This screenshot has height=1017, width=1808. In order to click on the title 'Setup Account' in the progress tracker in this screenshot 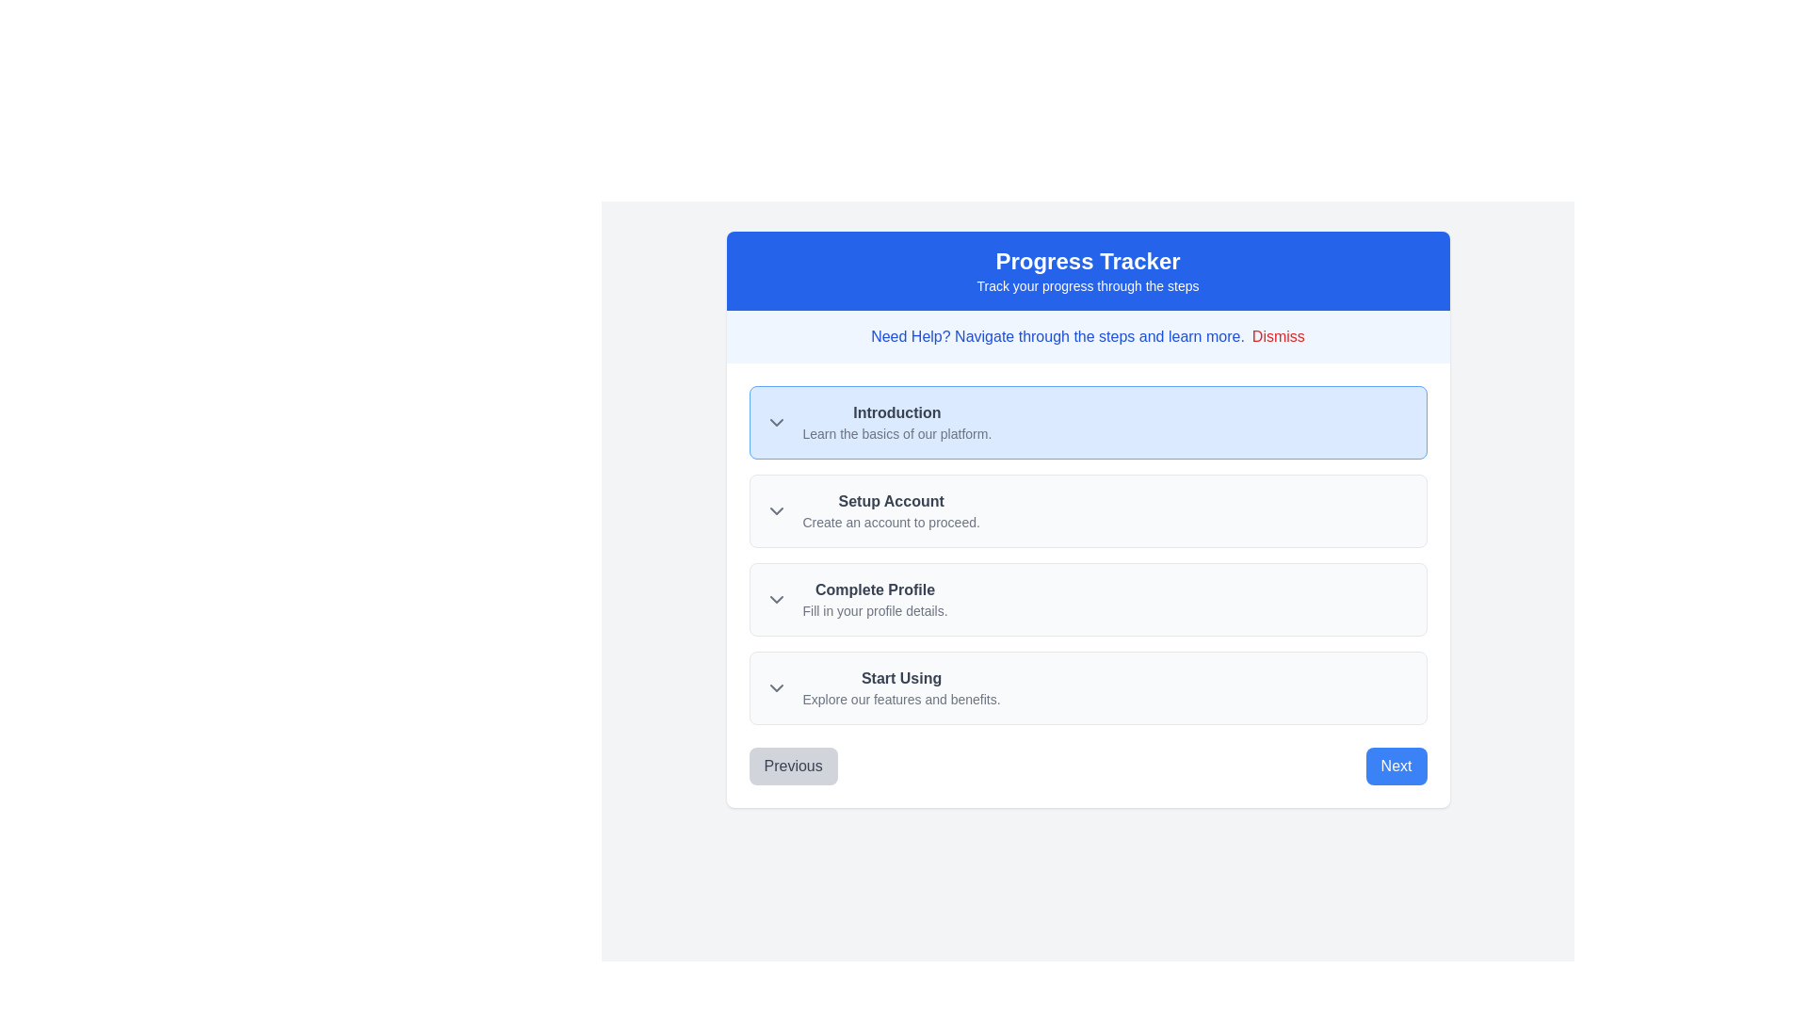, I will do `click(1088, 511)`.